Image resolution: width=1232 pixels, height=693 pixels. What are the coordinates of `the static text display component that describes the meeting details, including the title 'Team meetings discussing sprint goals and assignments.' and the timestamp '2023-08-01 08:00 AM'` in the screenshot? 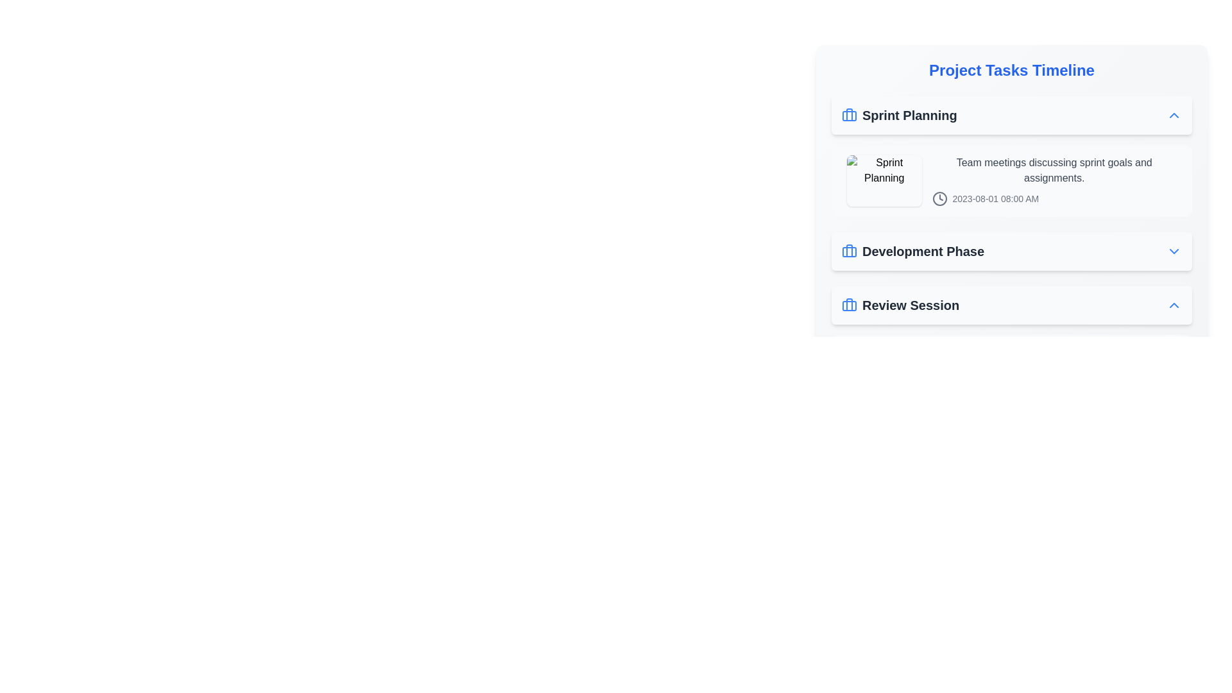 It's located at (1054, 180).